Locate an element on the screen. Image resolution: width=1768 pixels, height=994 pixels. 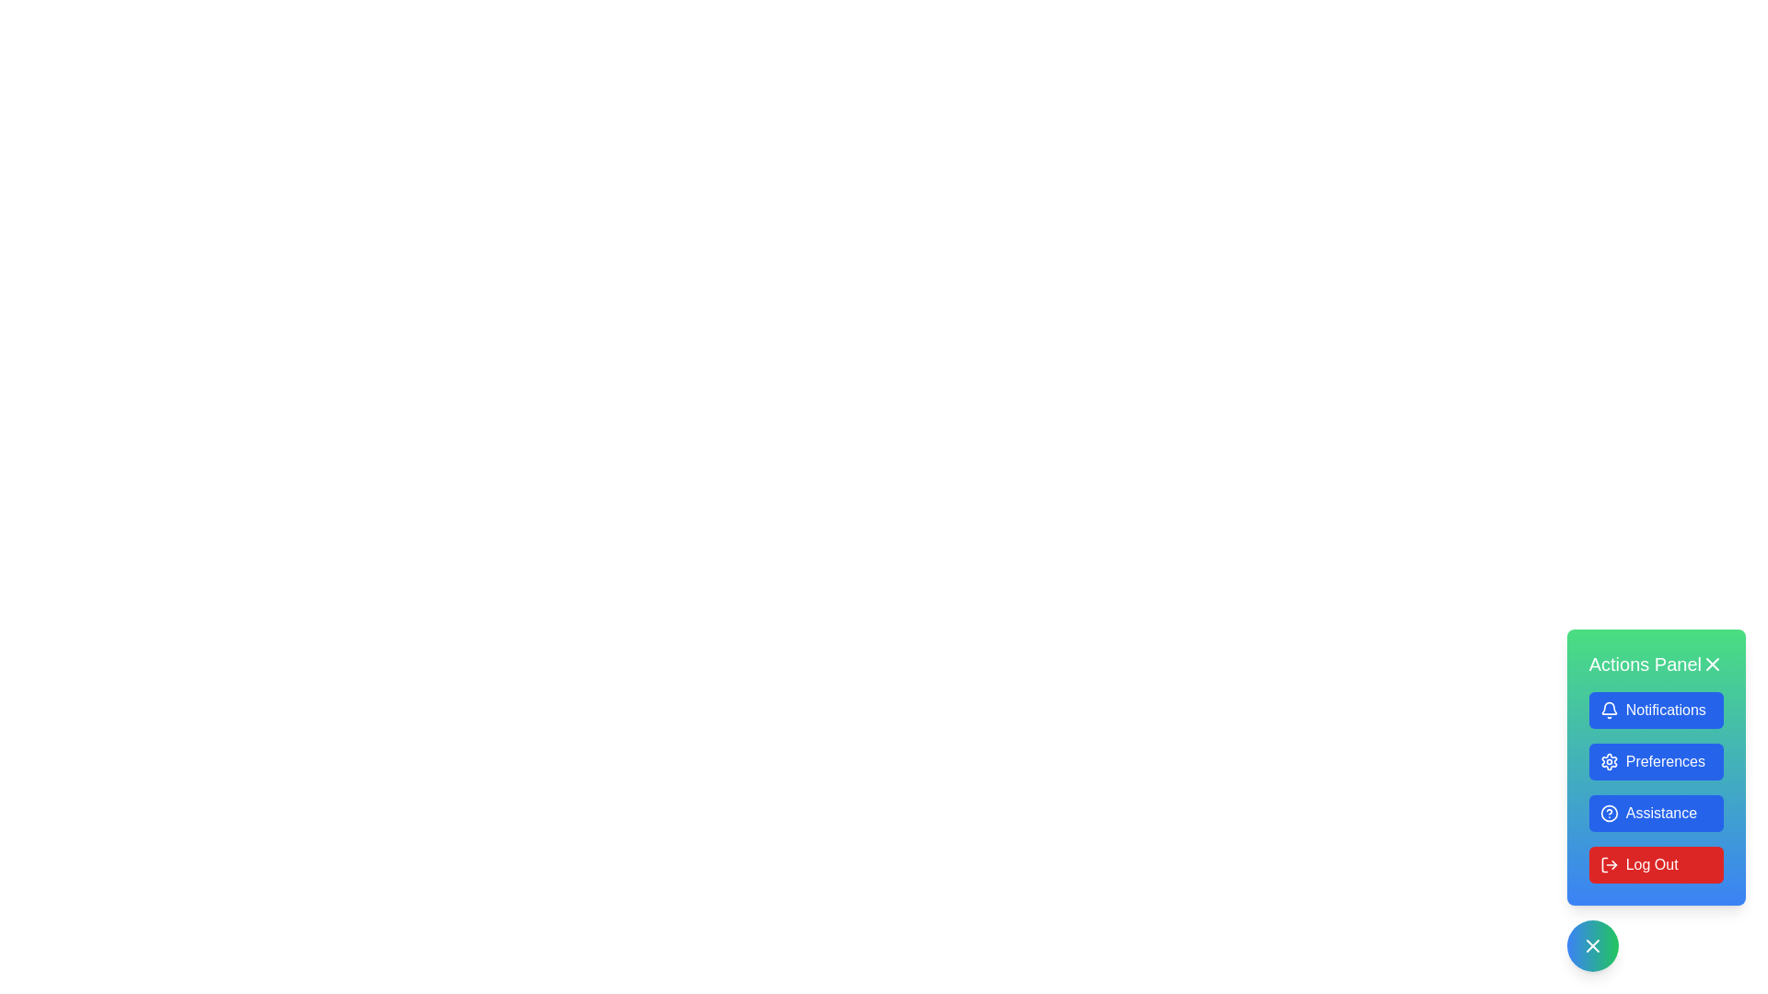
the 'Assistance' button, which is a rectangular button with a blue background and white text, located in the bottom right menu panel between the 'Preferences' and 'Log Out' buttons is located at coordinates (1656, 800).